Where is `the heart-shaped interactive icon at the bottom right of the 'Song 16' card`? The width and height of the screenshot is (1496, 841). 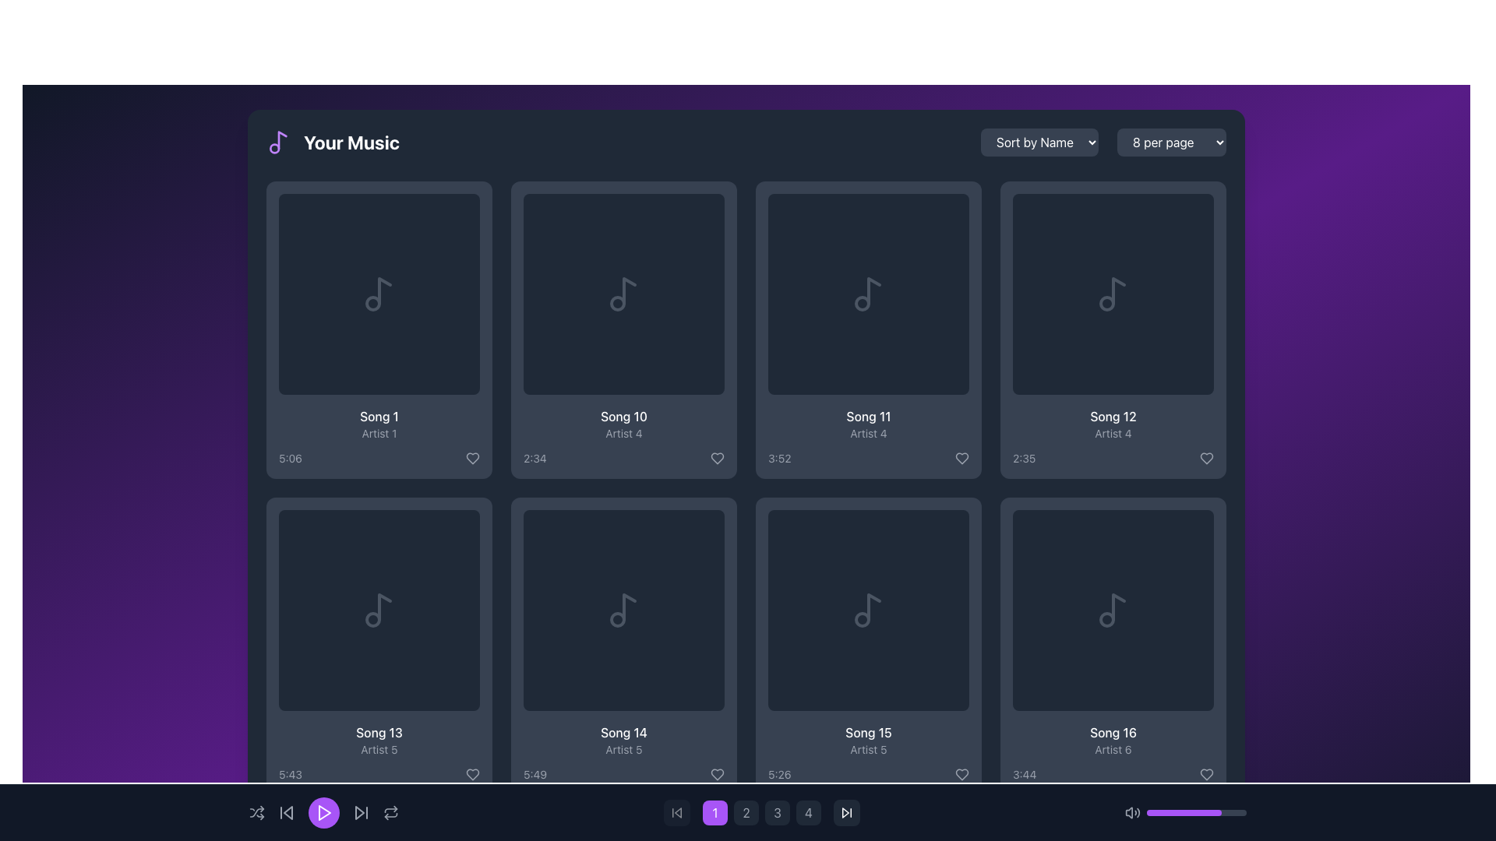 the heart-shaped interactive icon at the bottom right of the 'Song 16' card is located at coordinates (1206, 775).